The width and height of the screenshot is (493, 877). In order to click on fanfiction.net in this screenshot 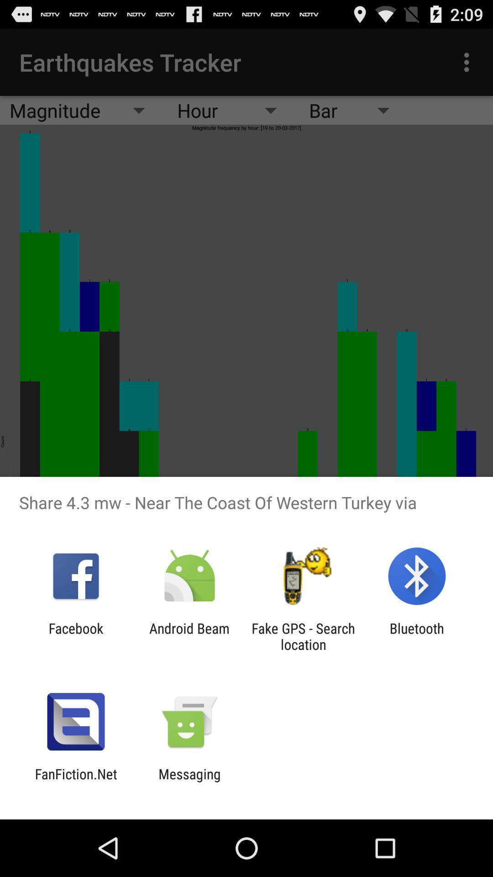, I will do `click(75, 782)`.